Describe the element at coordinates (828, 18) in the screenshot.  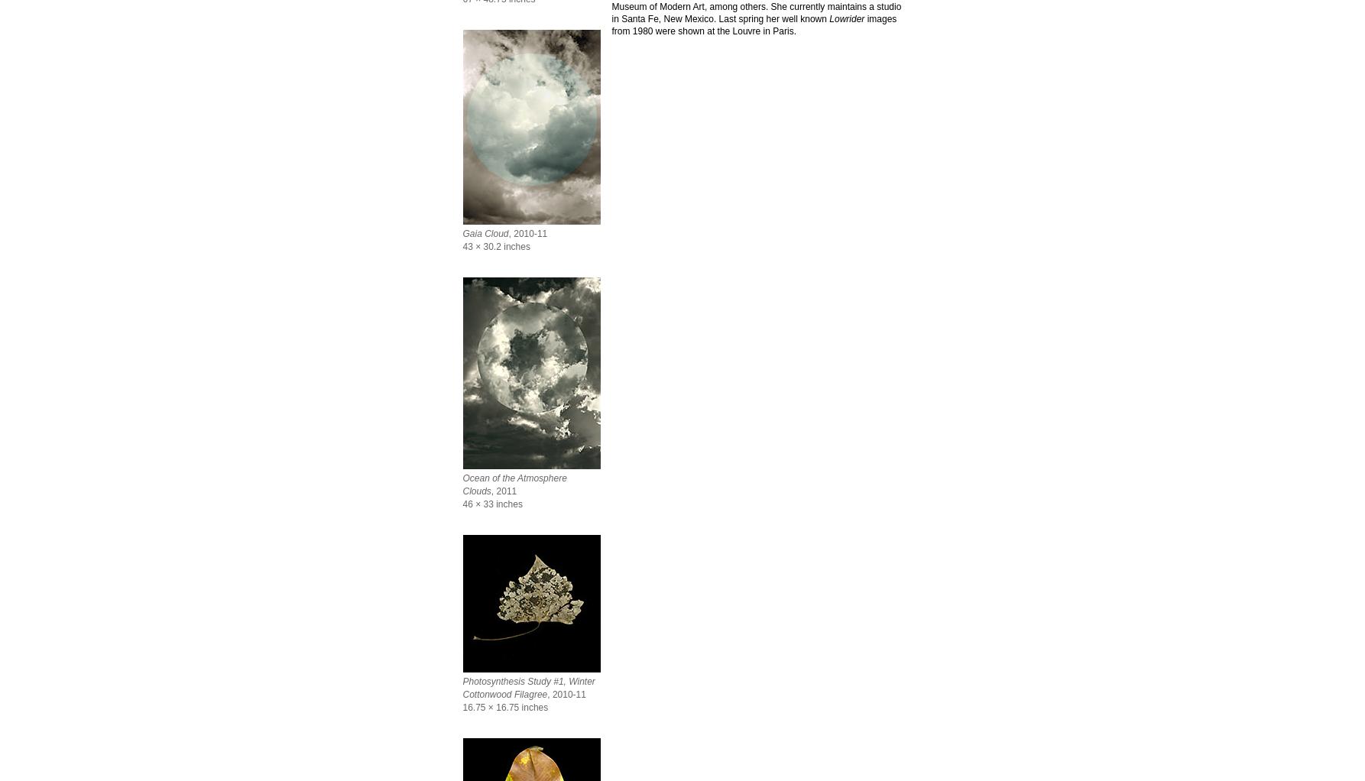
I see `'Lowrider'` at that location.